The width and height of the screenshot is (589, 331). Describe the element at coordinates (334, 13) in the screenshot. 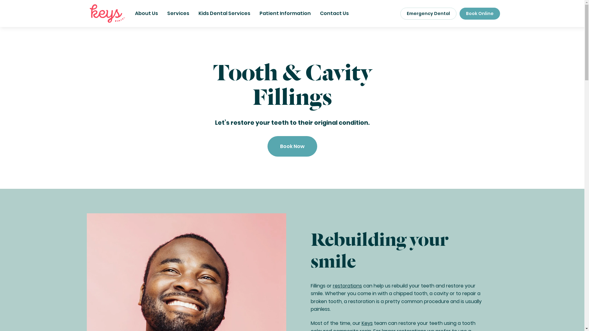

I see `'Contact Us'` at that location.